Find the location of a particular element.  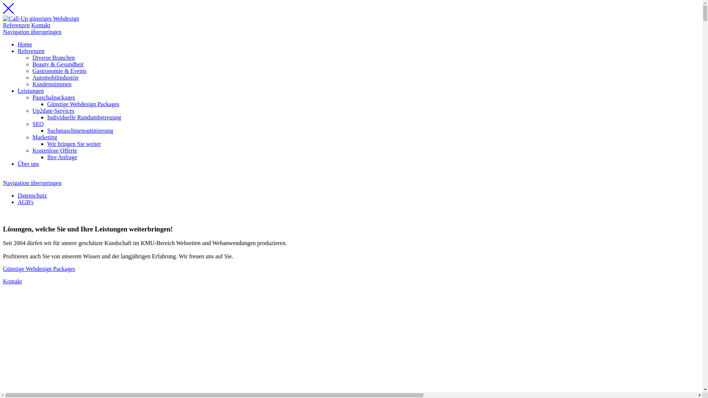

'Diverse Branchen' is located at coordinates (53, 57).